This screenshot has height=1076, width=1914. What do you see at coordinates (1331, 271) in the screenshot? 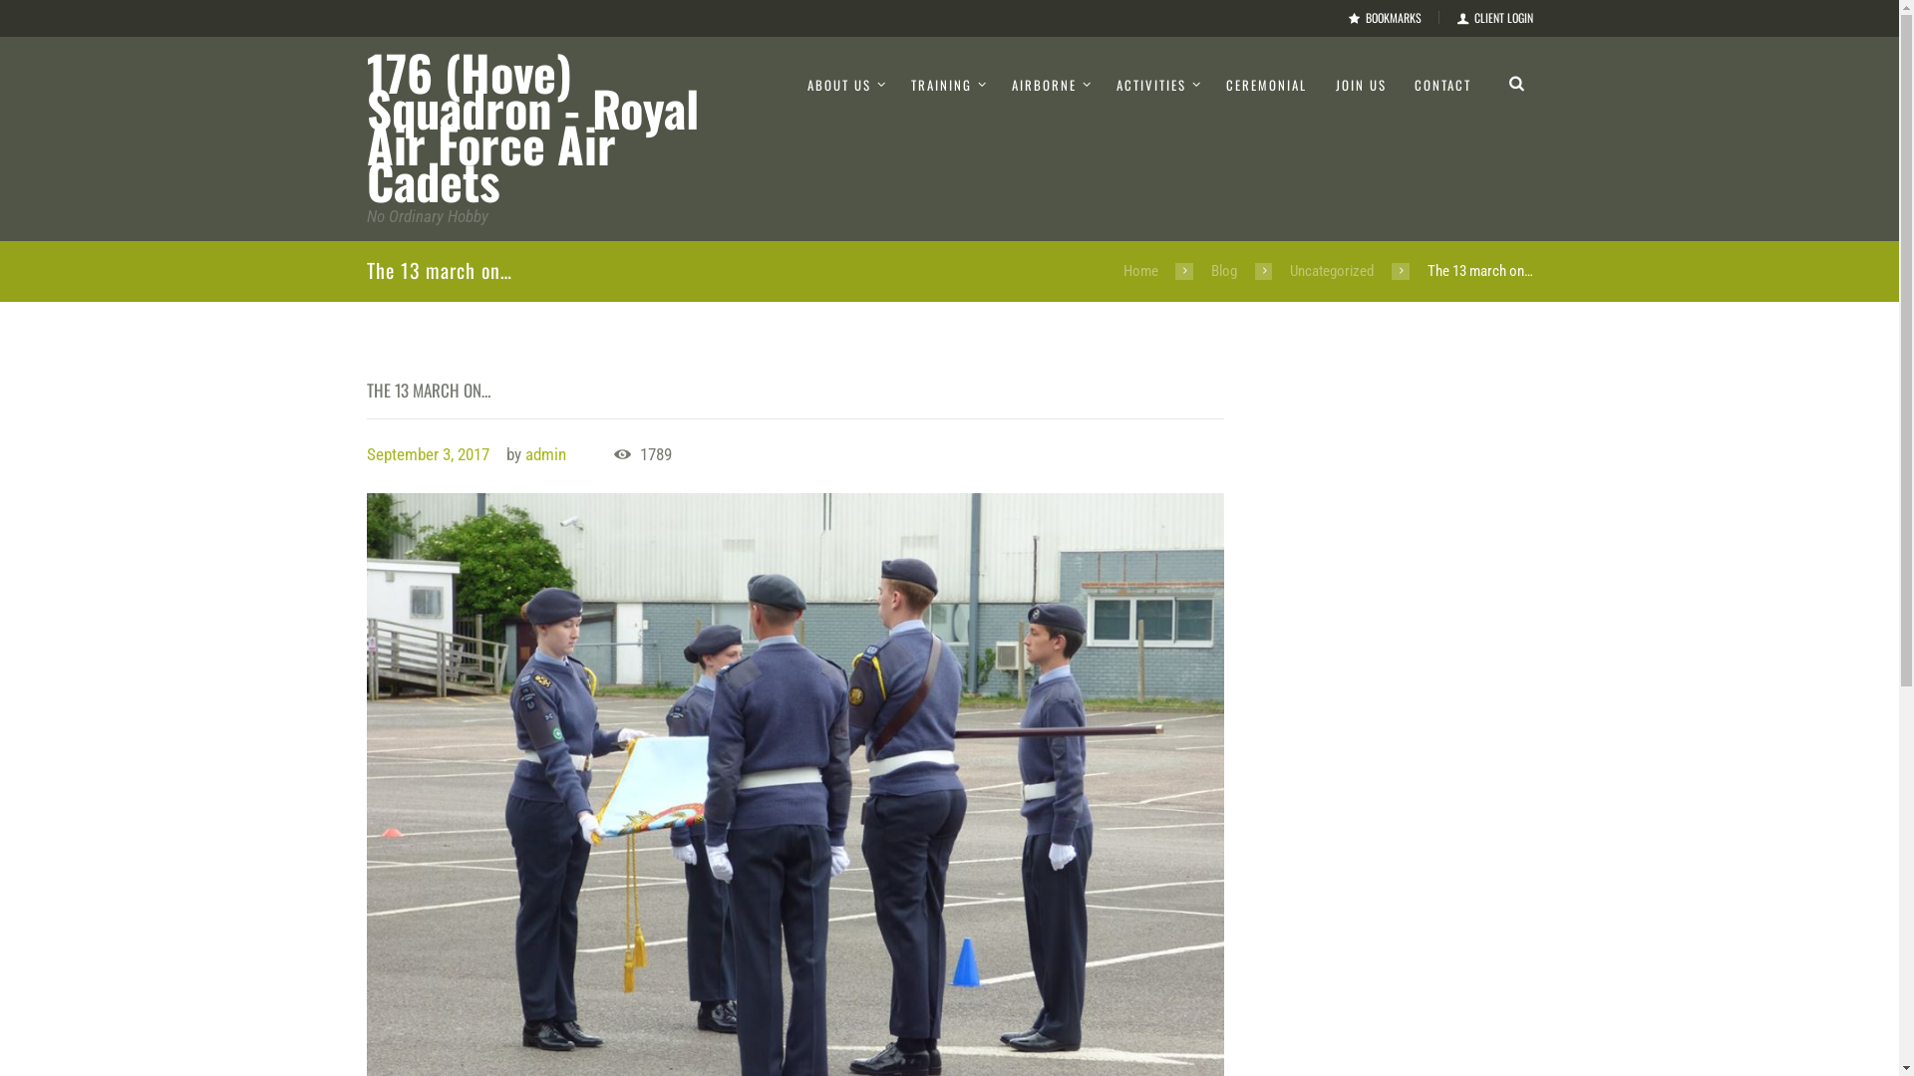
I see `'Uncategorized'` at bounding box center [1331, 271].